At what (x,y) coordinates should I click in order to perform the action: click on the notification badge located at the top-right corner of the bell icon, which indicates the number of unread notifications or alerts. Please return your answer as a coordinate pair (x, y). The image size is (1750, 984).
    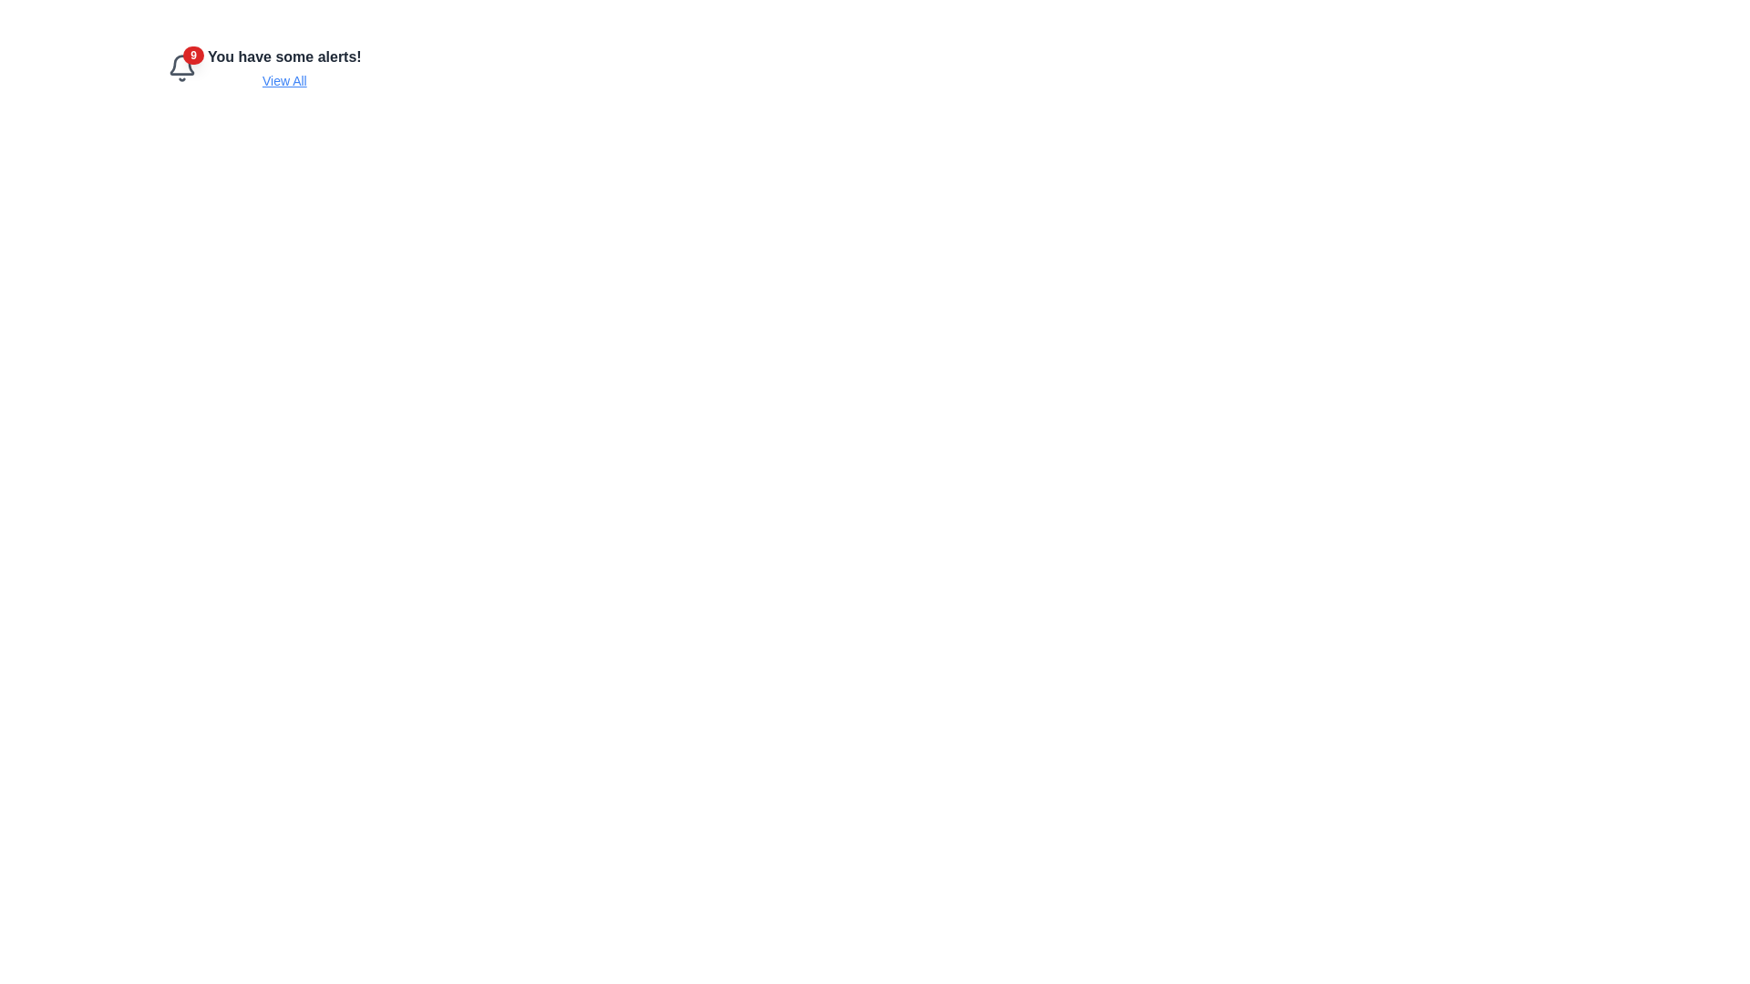
    Looking at the image, I should click on (193, 55).